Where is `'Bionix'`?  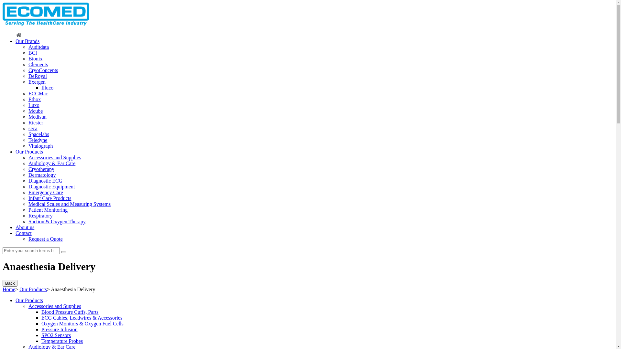
'Bionix' is located at coordinates (28, 58).